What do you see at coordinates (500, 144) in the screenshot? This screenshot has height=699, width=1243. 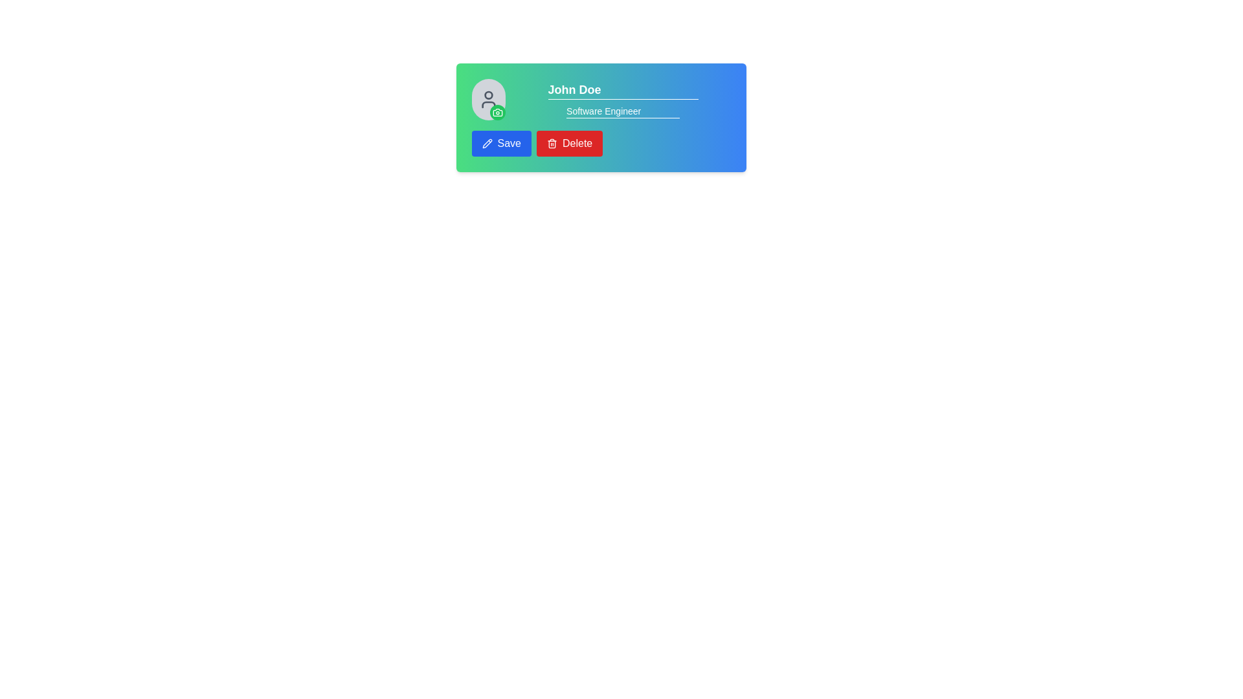 I see `the blue rectangular 'Save' button with a pencil icon located in the bottom-left corner of the profile card` at bounding box center [500, 144].